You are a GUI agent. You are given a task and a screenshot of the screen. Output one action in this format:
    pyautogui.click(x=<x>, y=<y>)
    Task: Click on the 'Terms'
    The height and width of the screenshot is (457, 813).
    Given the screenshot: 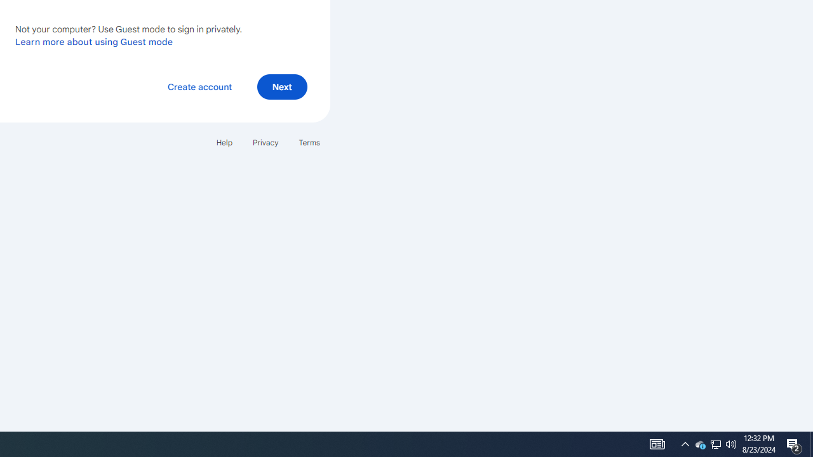 What is the action you would take?
    pyautogui.click(x=309, y=142)
    